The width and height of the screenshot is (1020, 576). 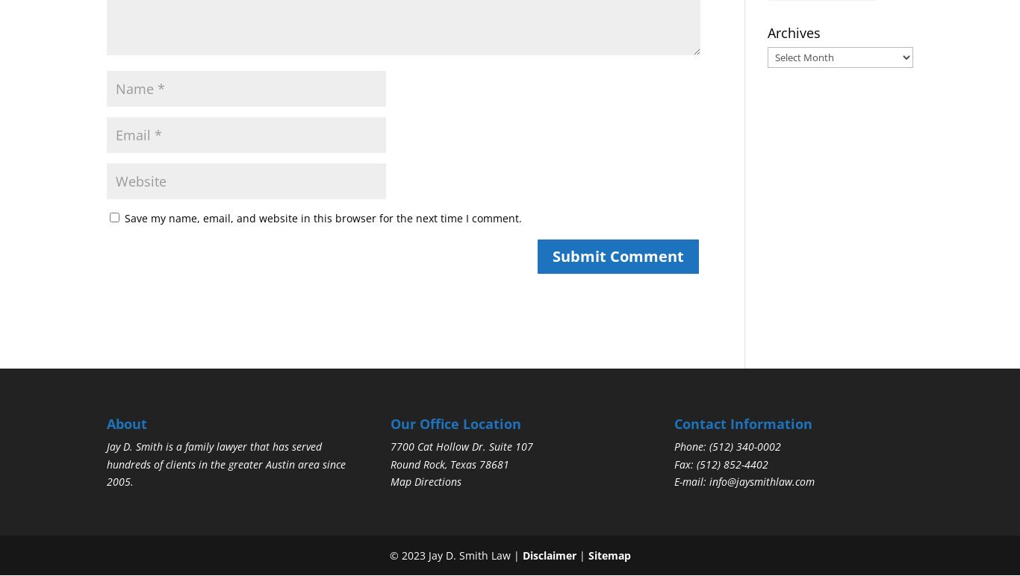 What do you see at coordinates (472, 554) in the screenshot?
I see `'Jay D. Smith Law |'` at bounding box center [472, 554].